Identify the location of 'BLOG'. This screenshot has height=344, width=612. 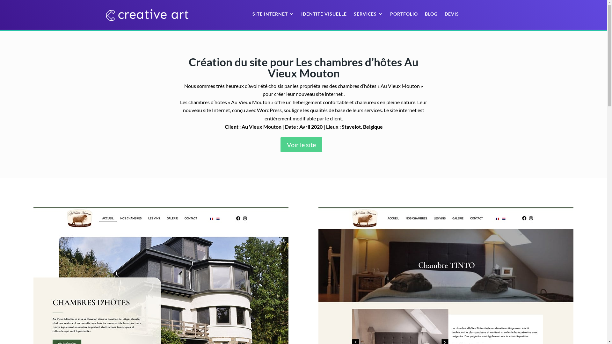
(431, 15).